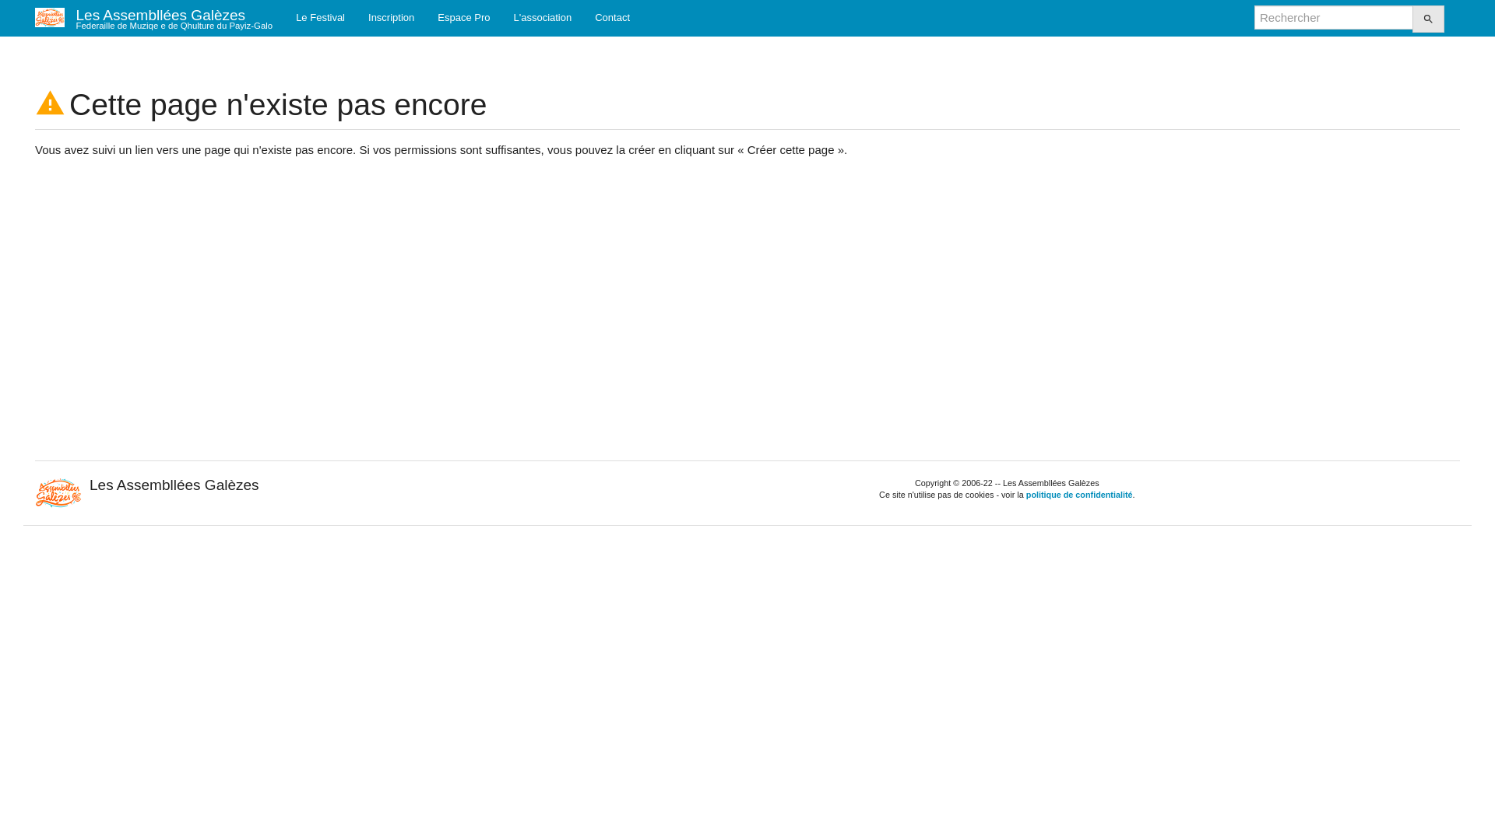 The width and height of the screenshot is (1495, 840). What do you see at coordinates (1412, 19) in the screenshot?
I see `'Rechercher'` at bounding box center [1412, 19].